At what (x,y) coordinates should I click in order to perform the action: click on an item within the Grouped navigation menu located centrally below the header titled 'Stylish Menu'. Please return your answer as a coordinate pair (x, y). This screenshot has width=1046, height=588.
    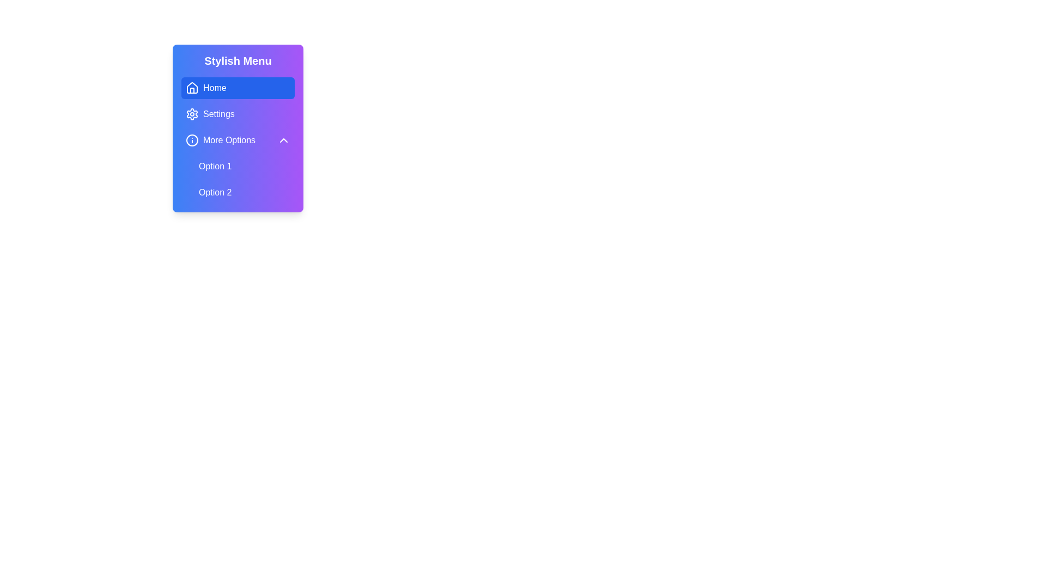
    Looking at the image, I should click on (237, 140).